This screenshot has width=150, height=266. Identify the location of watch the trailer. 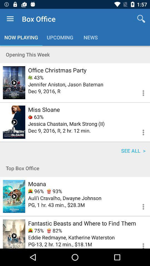
(14, 234).